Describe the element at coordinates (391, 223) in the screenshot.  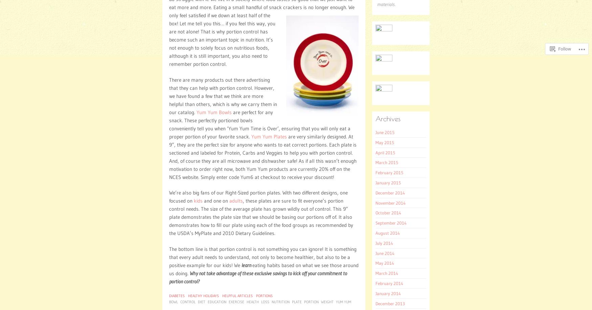
I see `'September 2014'` at that location.